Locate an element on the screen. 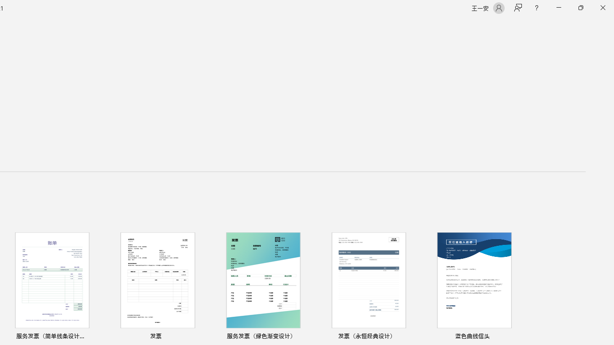  'Close' is located at coordinates (602, 8).